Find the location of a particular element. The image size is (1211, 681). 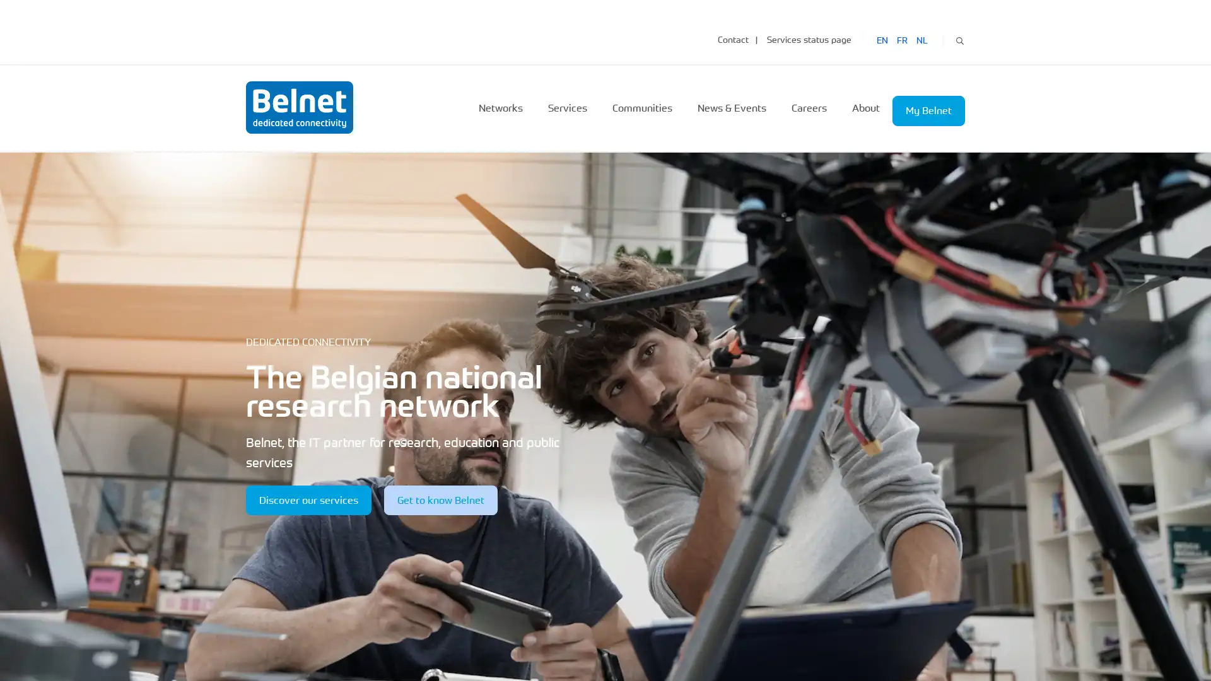

Search is located at coordinates (959, 38).